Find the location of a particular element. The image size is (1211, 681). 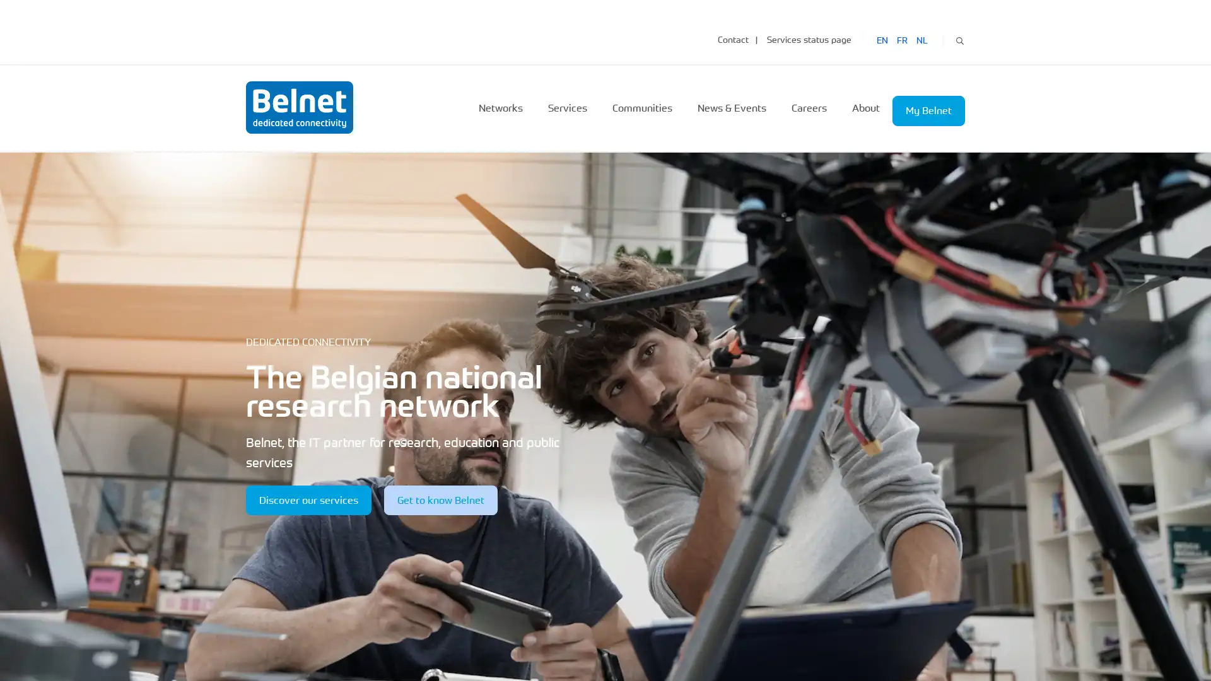

Search is located at coordinates (959, 38).